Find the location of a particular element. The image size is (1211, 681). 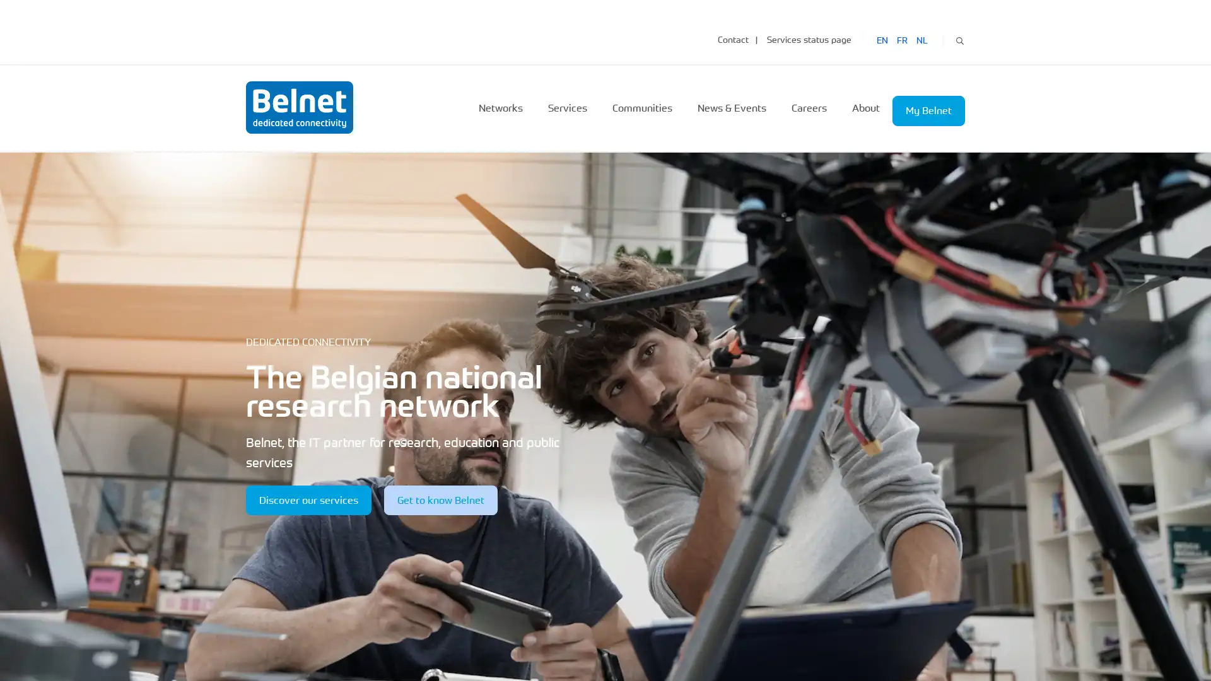

Search is located at coordinates (959, 38).